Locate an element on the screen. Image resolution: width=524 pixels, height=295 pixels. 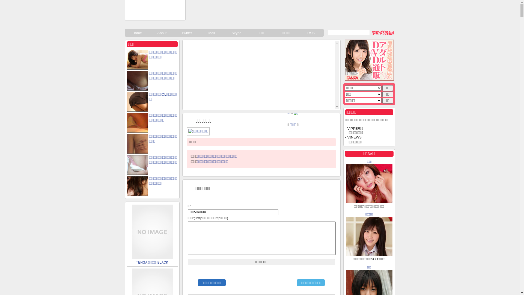
'About' is located at coordinates (162, 33).